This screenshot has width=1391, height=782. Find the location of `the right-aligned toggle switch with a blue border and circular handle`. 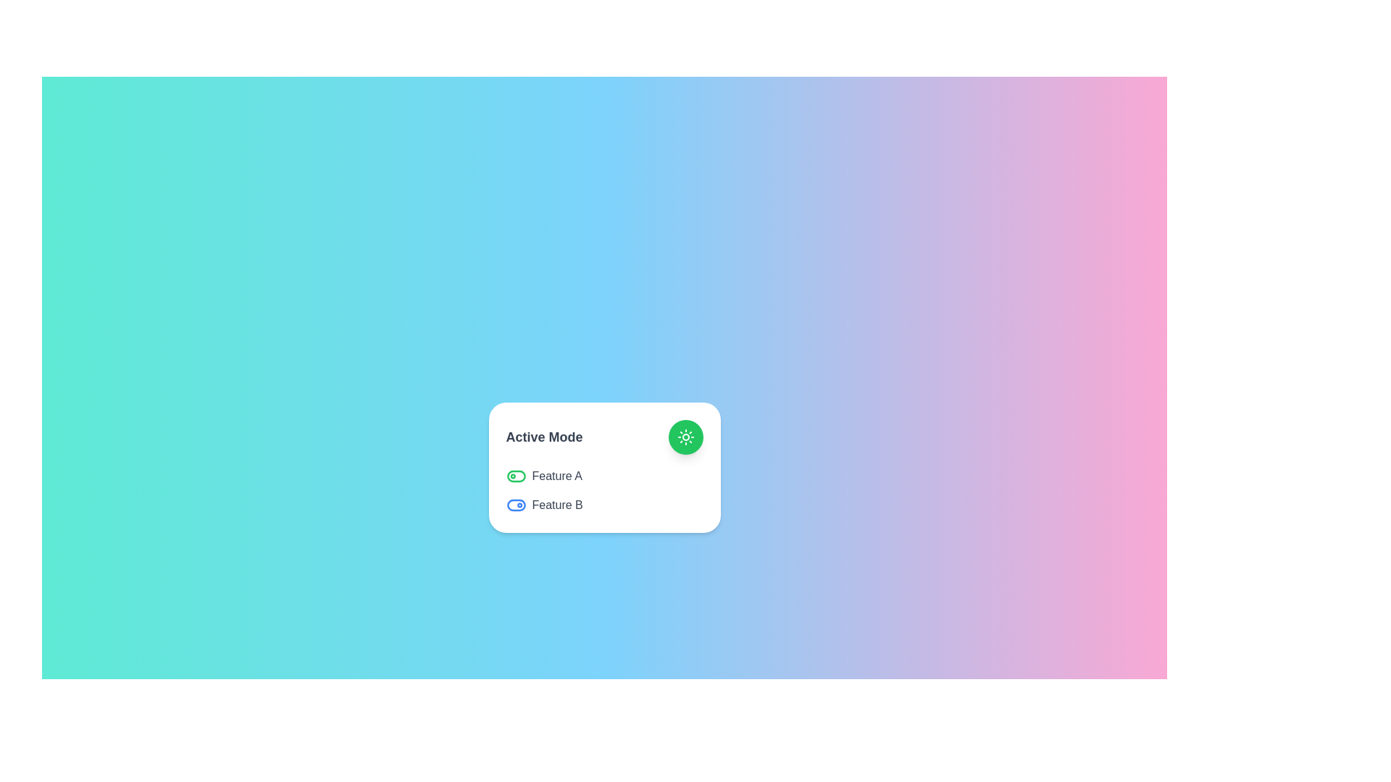

the right-aligned toggle switch with a blue border and circular handle is located at coordinates (516, 505).